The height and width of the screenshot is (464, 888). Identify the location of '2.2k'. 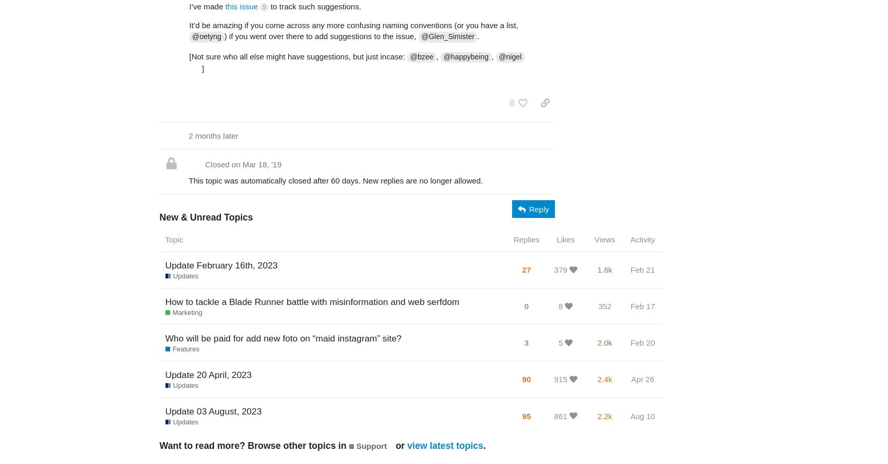
(604, 416).